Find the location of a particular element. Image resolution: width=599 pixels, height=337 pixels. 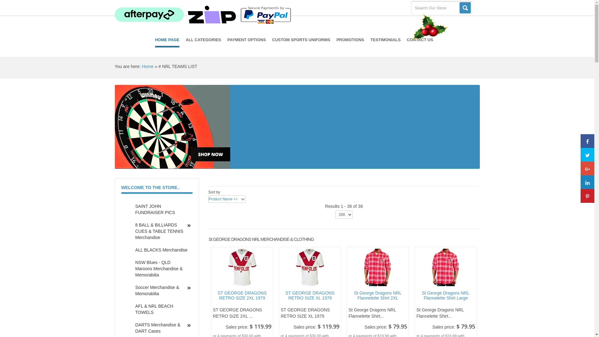

'HOME PAGE' is located at coordinates (155, 41).